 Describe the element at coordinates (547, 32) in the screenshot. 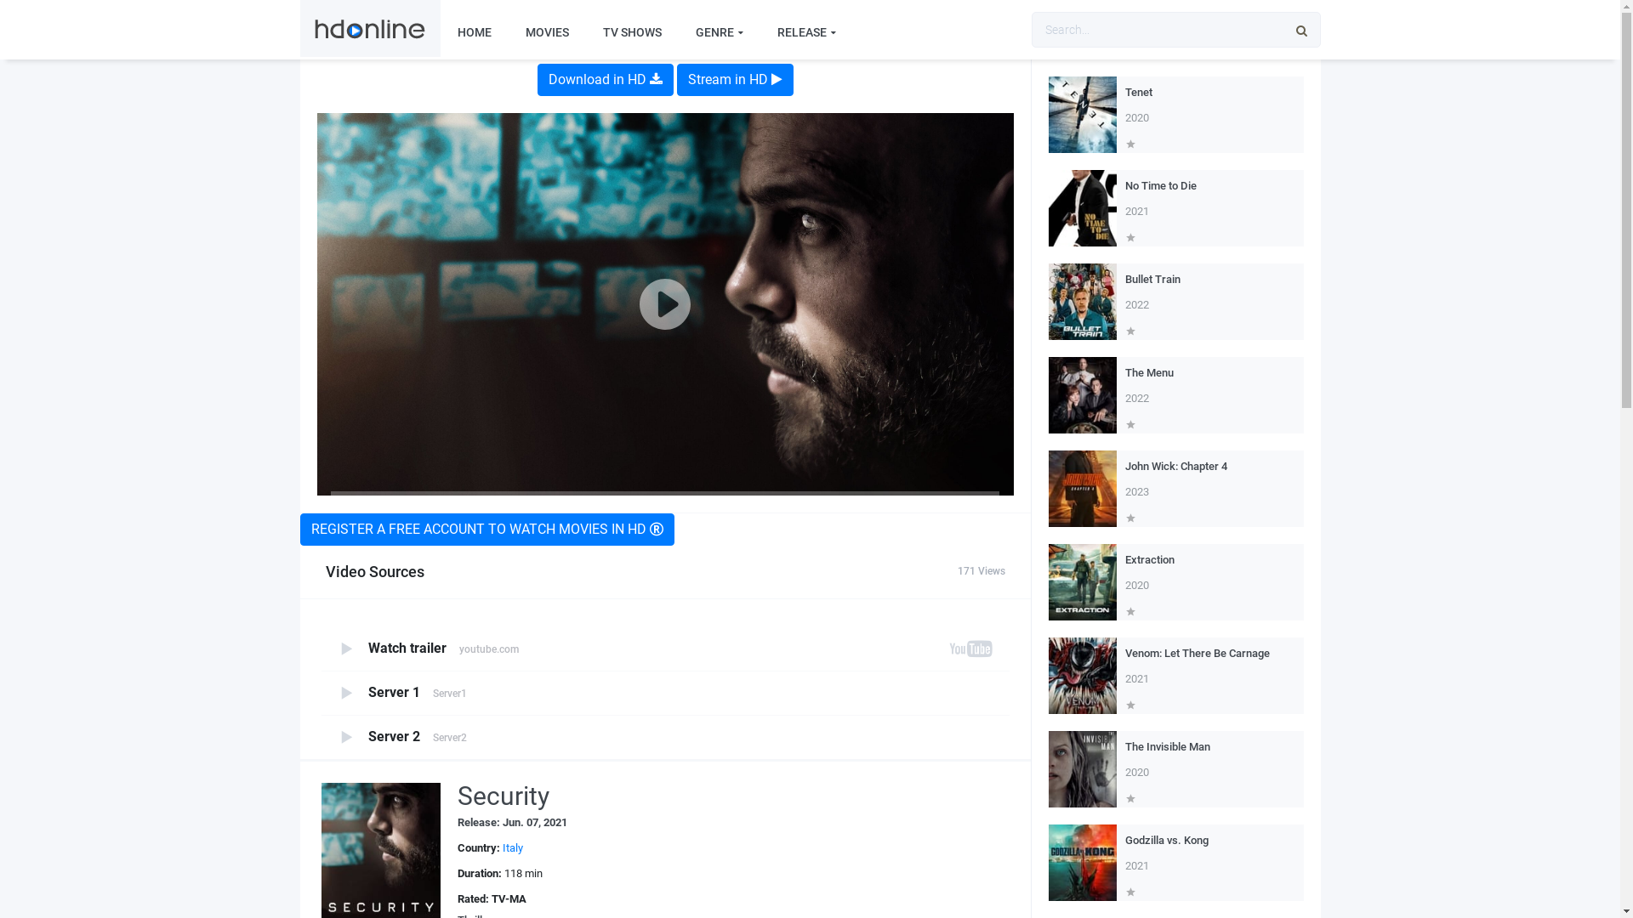

I see `'MOVIES'` at that location.